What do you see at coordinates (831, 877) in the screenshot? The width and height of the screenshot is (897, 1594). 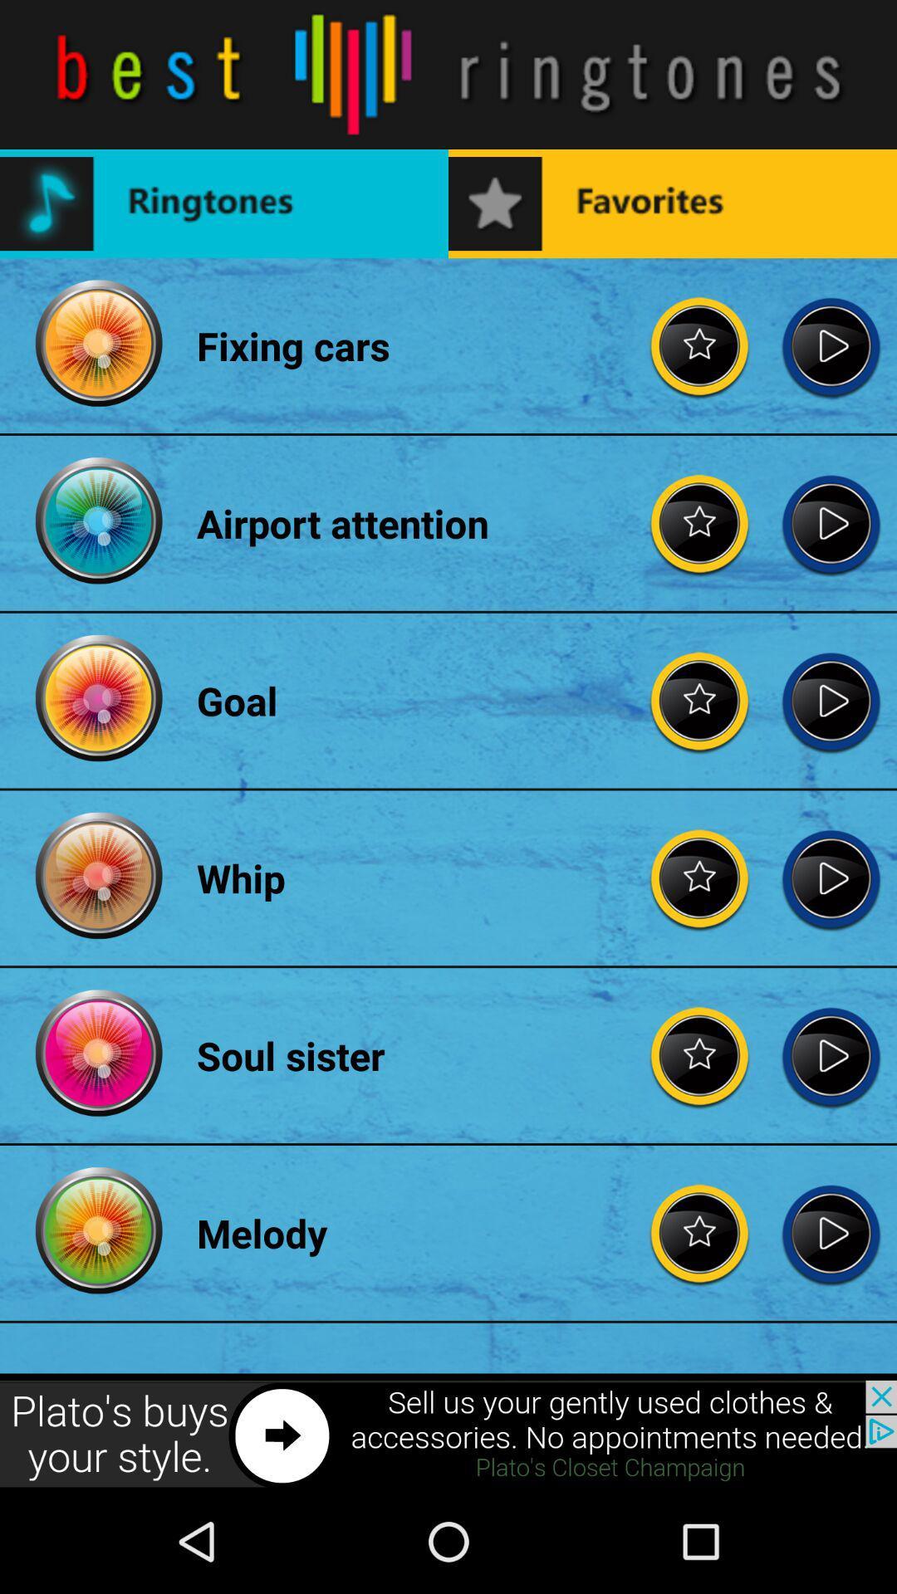 I see `play` at bounding box center [831, 877].